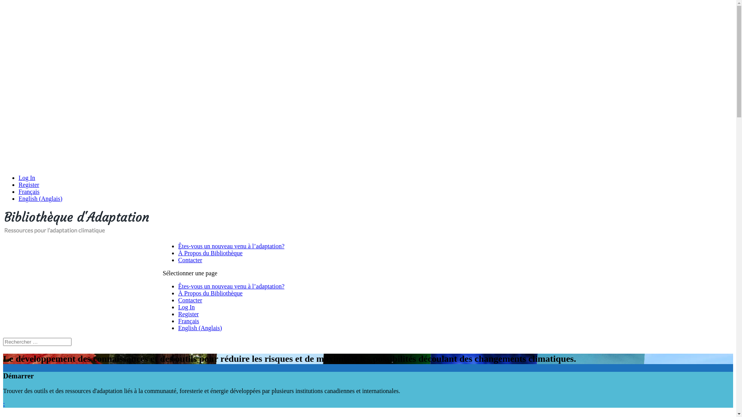 This screenshot has width=742, height=417. What do you see at coordinates (3, 403) in the screenshot?
I see `';'` at bounding box center [3, 403].